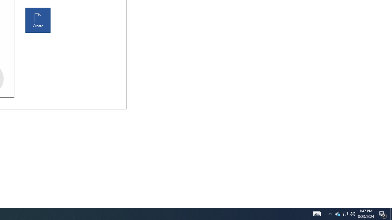  I want to click on 'Create', so click(38, 20).